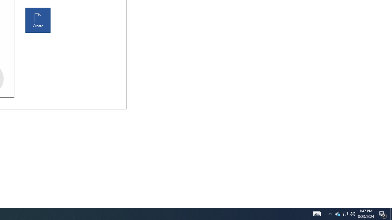  I want to click on 'Create', so click(38, 20).